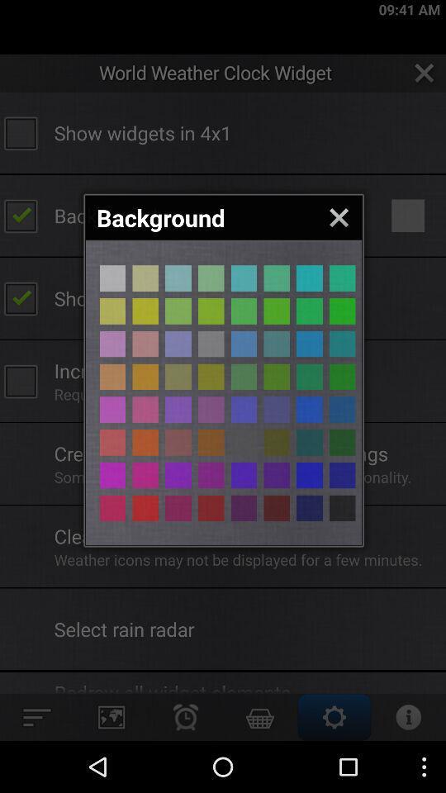 Image resolution: width=446 pixels, height=793 pixels. I want to click on different colour page, so click(243, 507).